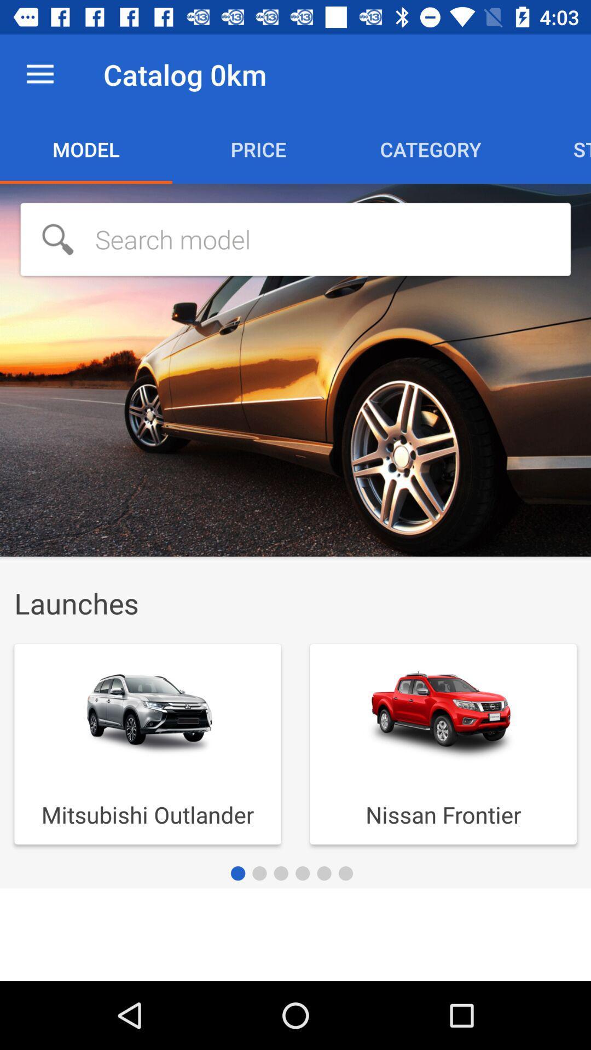 Image resolution: width=591 pixels, height=1050 pixels. What do you see at coordinates (39, 74) in the screenshot?
I see `item above model` at bounding box center [39, 74].